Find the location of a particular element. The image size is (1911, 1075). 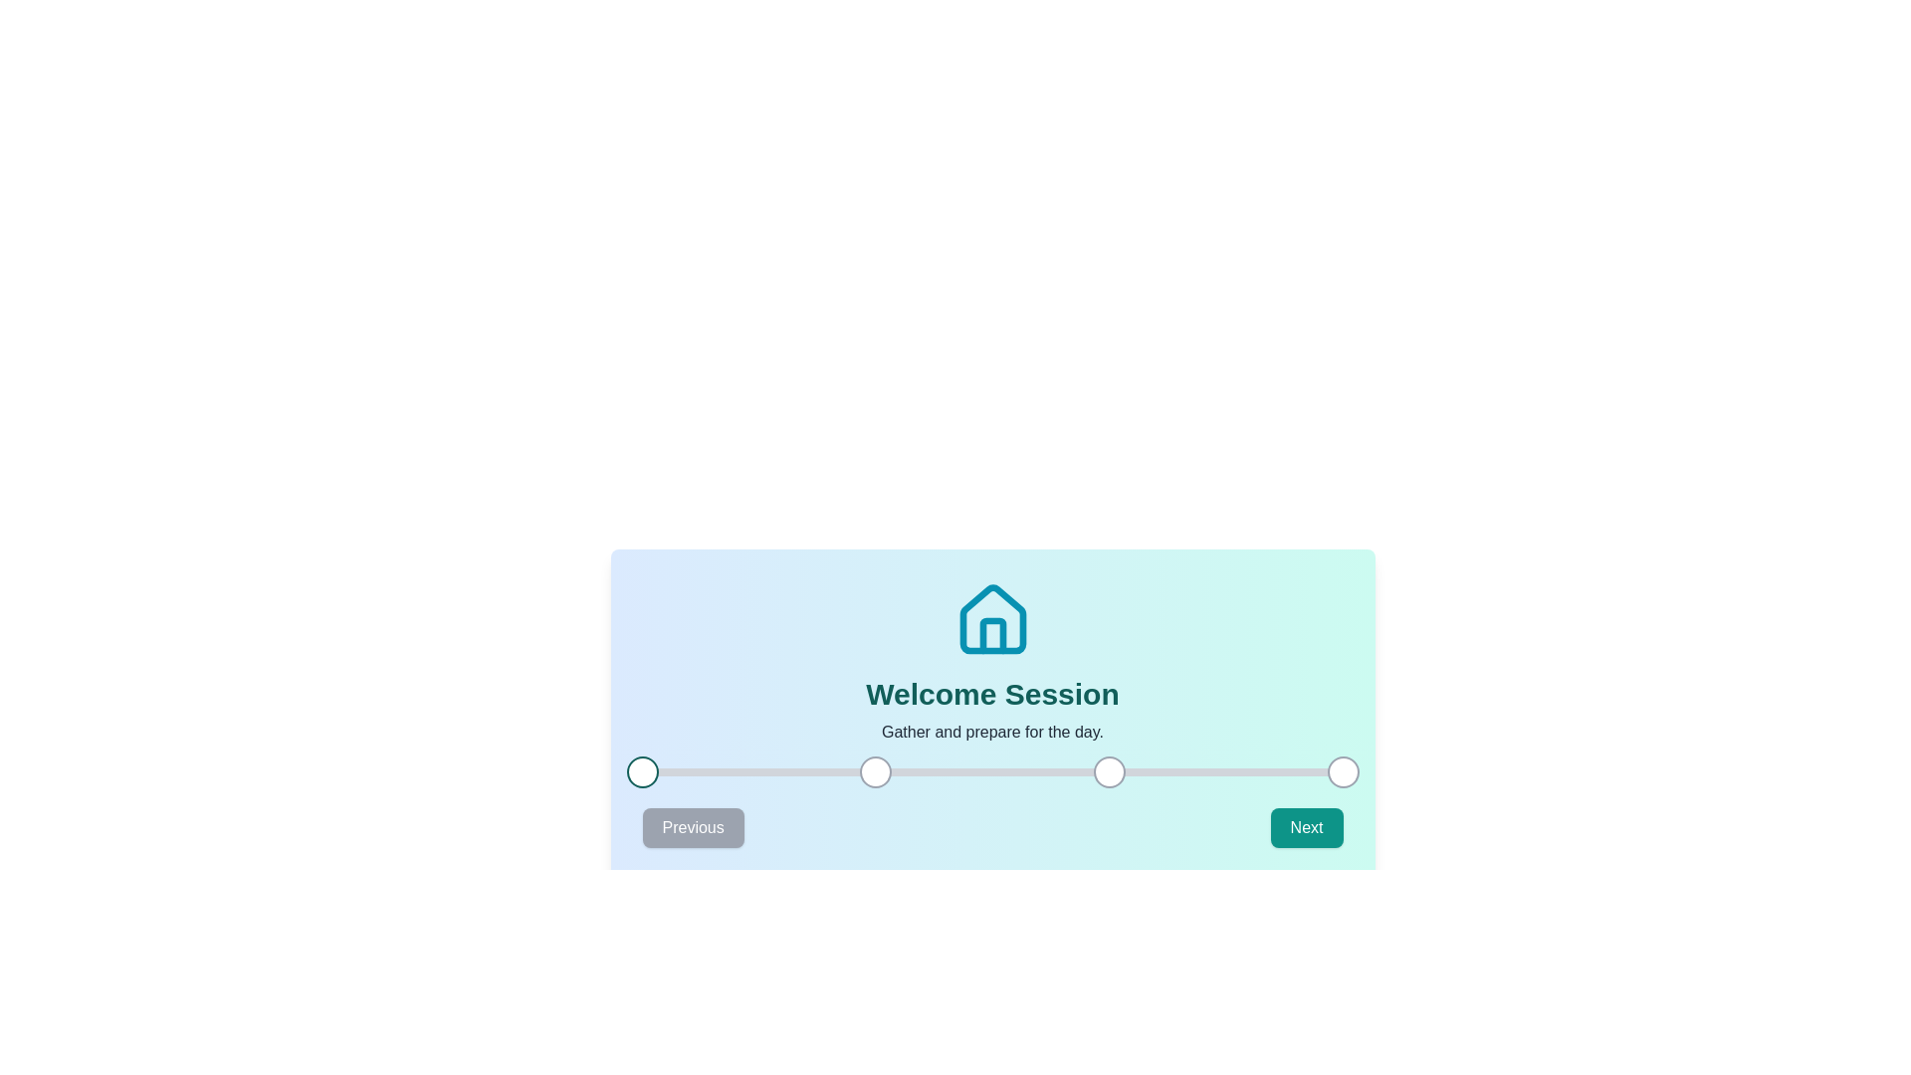

the progress indicator corresponding to step 4 is located at coordinates (1343, 770).